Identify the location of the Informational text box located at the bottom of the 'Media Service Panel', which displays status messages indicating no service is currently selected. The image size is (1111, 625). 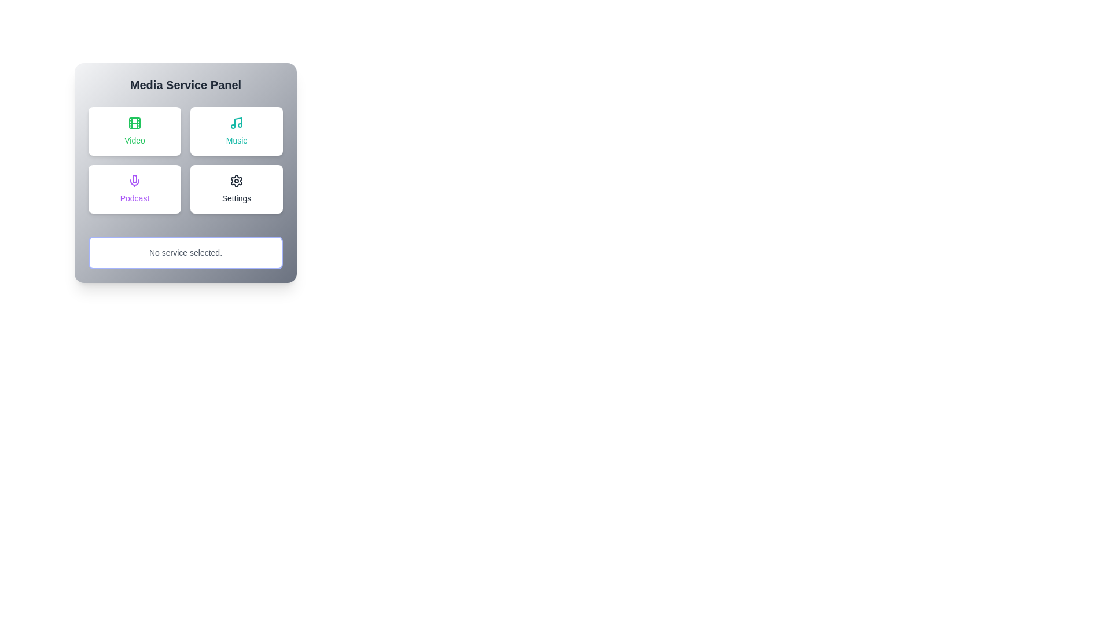
(186, 252).